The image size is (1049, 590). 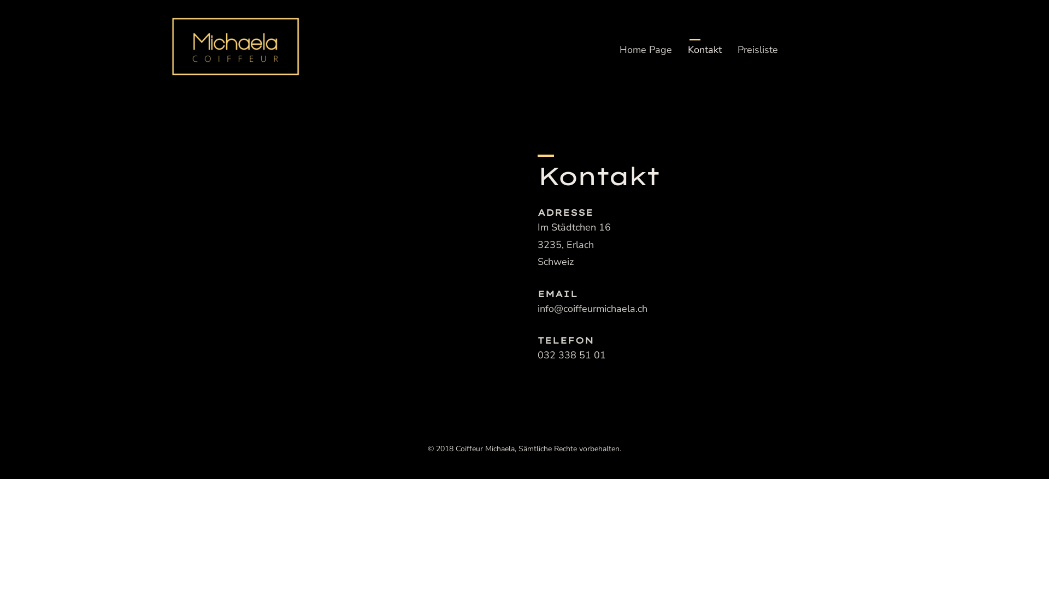 I want to click on '032 338 51 01', so click(x=571, y=356).